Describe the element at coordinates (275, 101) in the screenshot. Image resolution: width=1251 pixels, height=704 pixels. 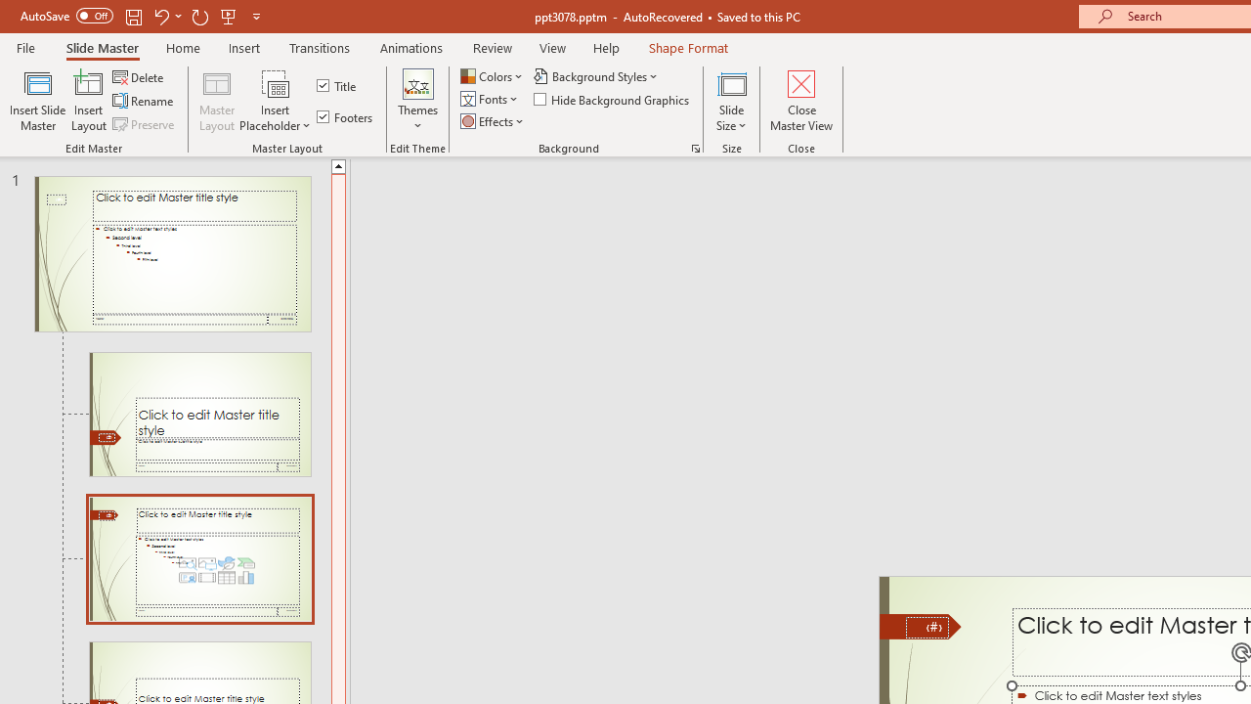
I see `'Insert Placeholder'` at that location.